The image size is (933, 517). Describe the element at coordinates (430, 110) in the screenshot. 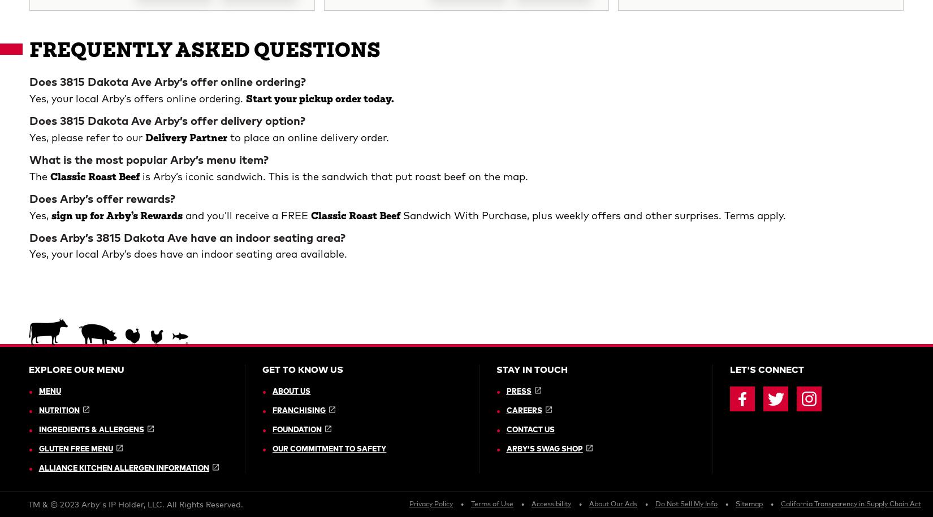

I see `'Privacy Policy'` at that location.